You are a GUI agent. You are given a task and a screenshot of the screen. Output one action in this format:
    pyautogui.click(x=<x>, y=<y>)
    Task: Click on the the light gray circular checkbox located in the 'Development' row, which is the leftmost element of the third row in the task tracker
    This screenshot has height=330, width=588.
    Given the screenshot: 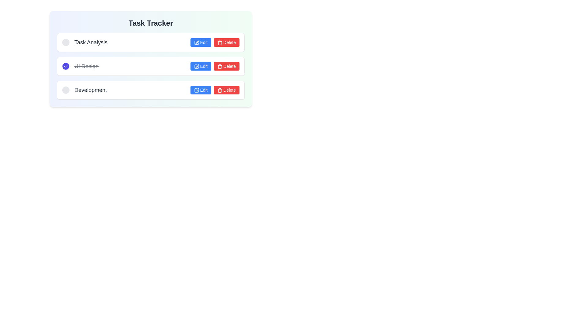 What is the action you would take?
    pyautogui.click(x=66, y=90)
    